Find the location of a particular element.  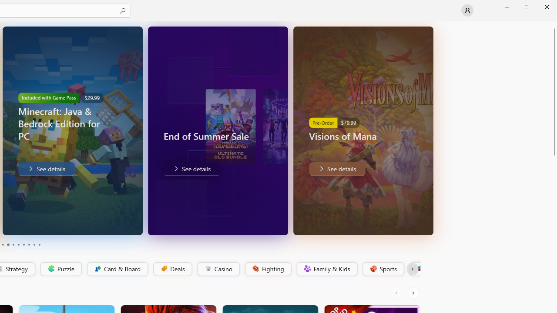

'Family & Kids' is located at coordinates (326, 269).